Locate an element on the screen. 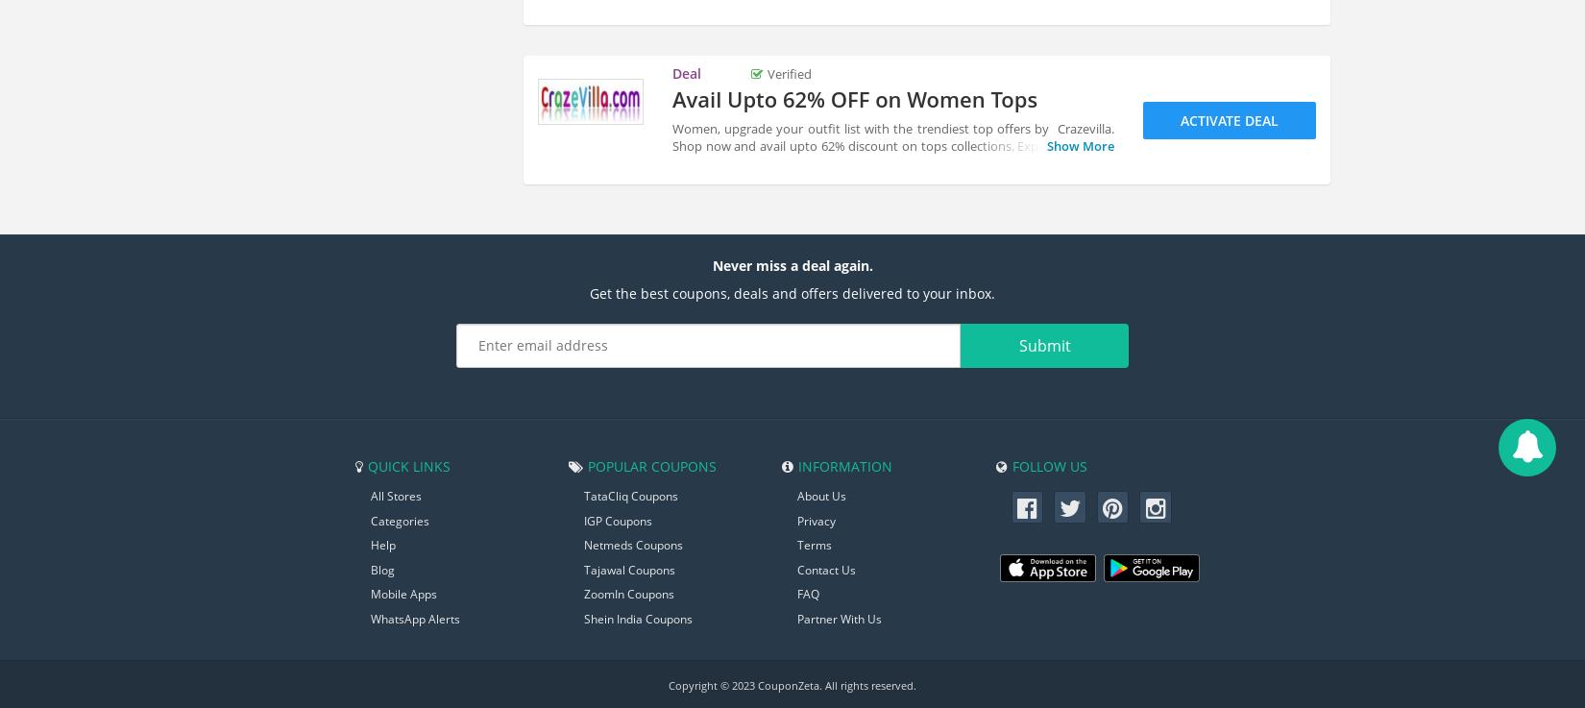 The width and height of the screenshot is (1585, 708). 'WhatsApp Alerts' is located at coordinates (414, 618).